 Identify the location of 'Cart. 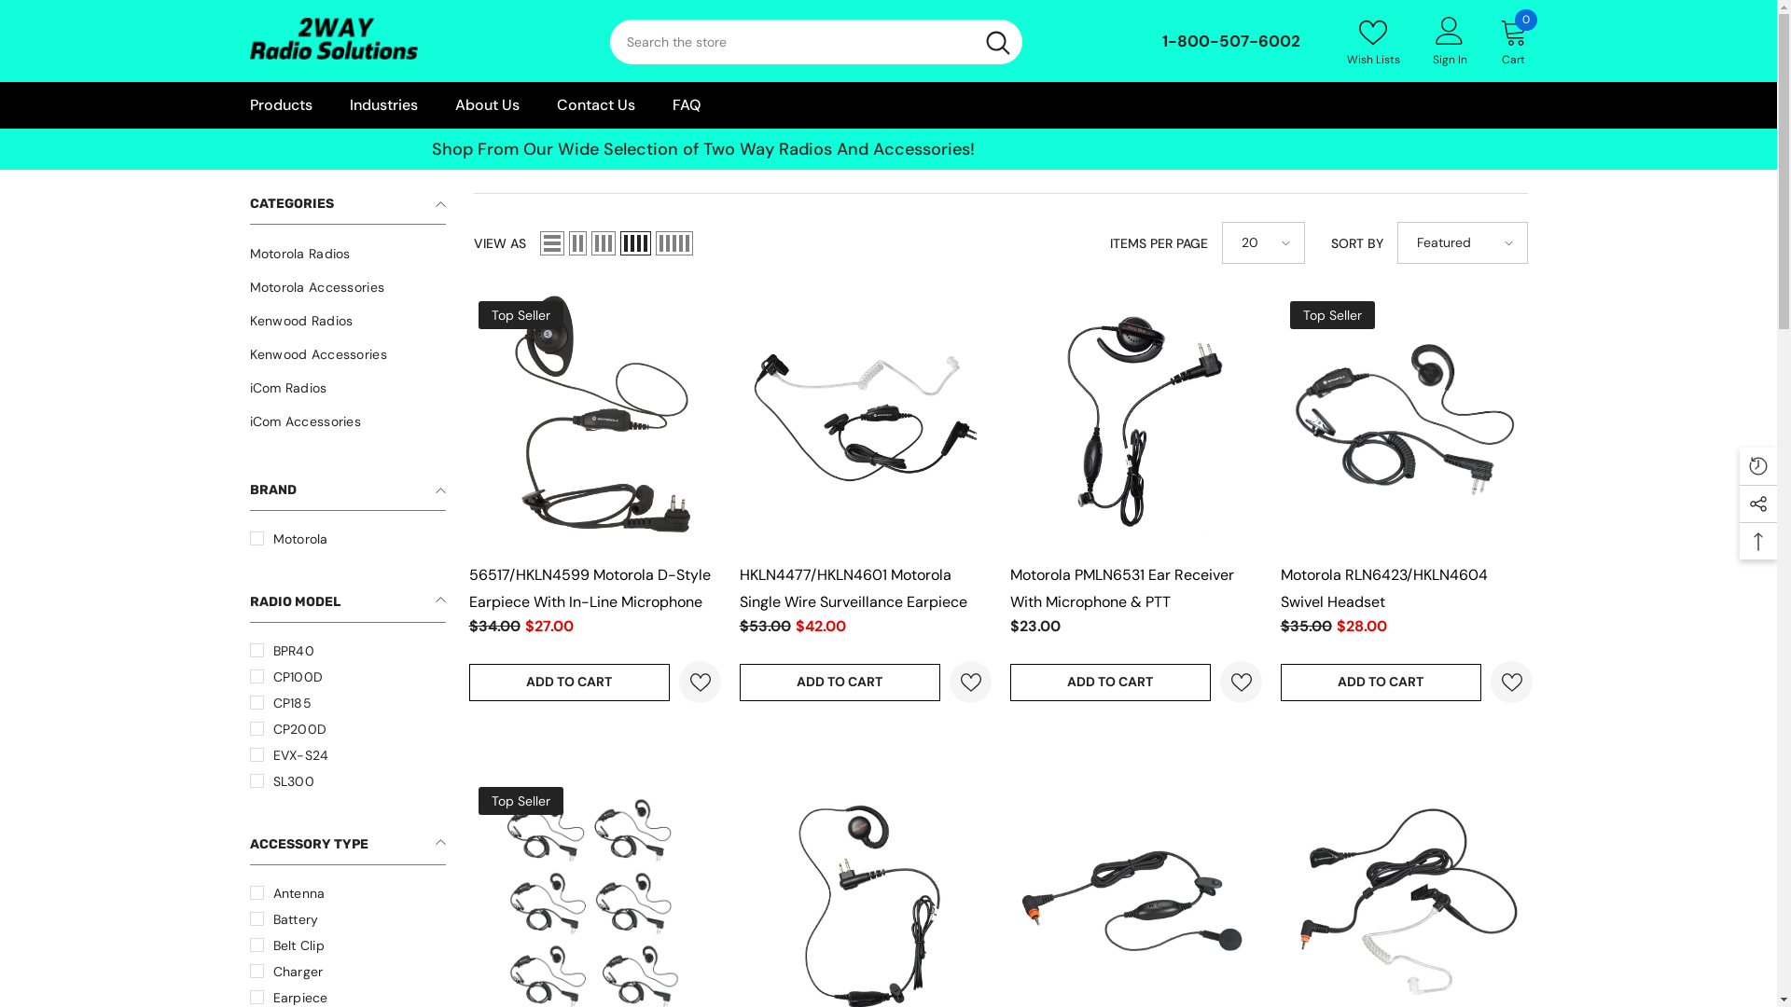
(1513, 40).